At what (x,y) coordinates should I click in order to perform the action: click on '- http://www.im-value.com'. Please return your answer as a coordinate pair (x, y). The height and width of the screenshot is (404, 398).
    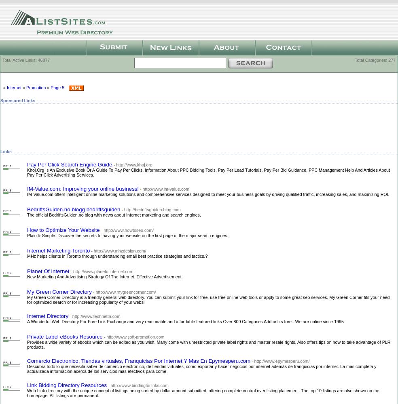
    Looking at the image, I should click on (139, 188).